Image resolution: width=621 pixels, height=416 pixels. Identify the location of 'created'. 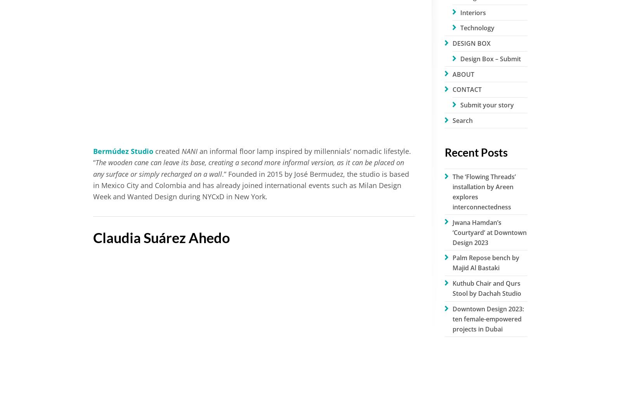
(167, 151).